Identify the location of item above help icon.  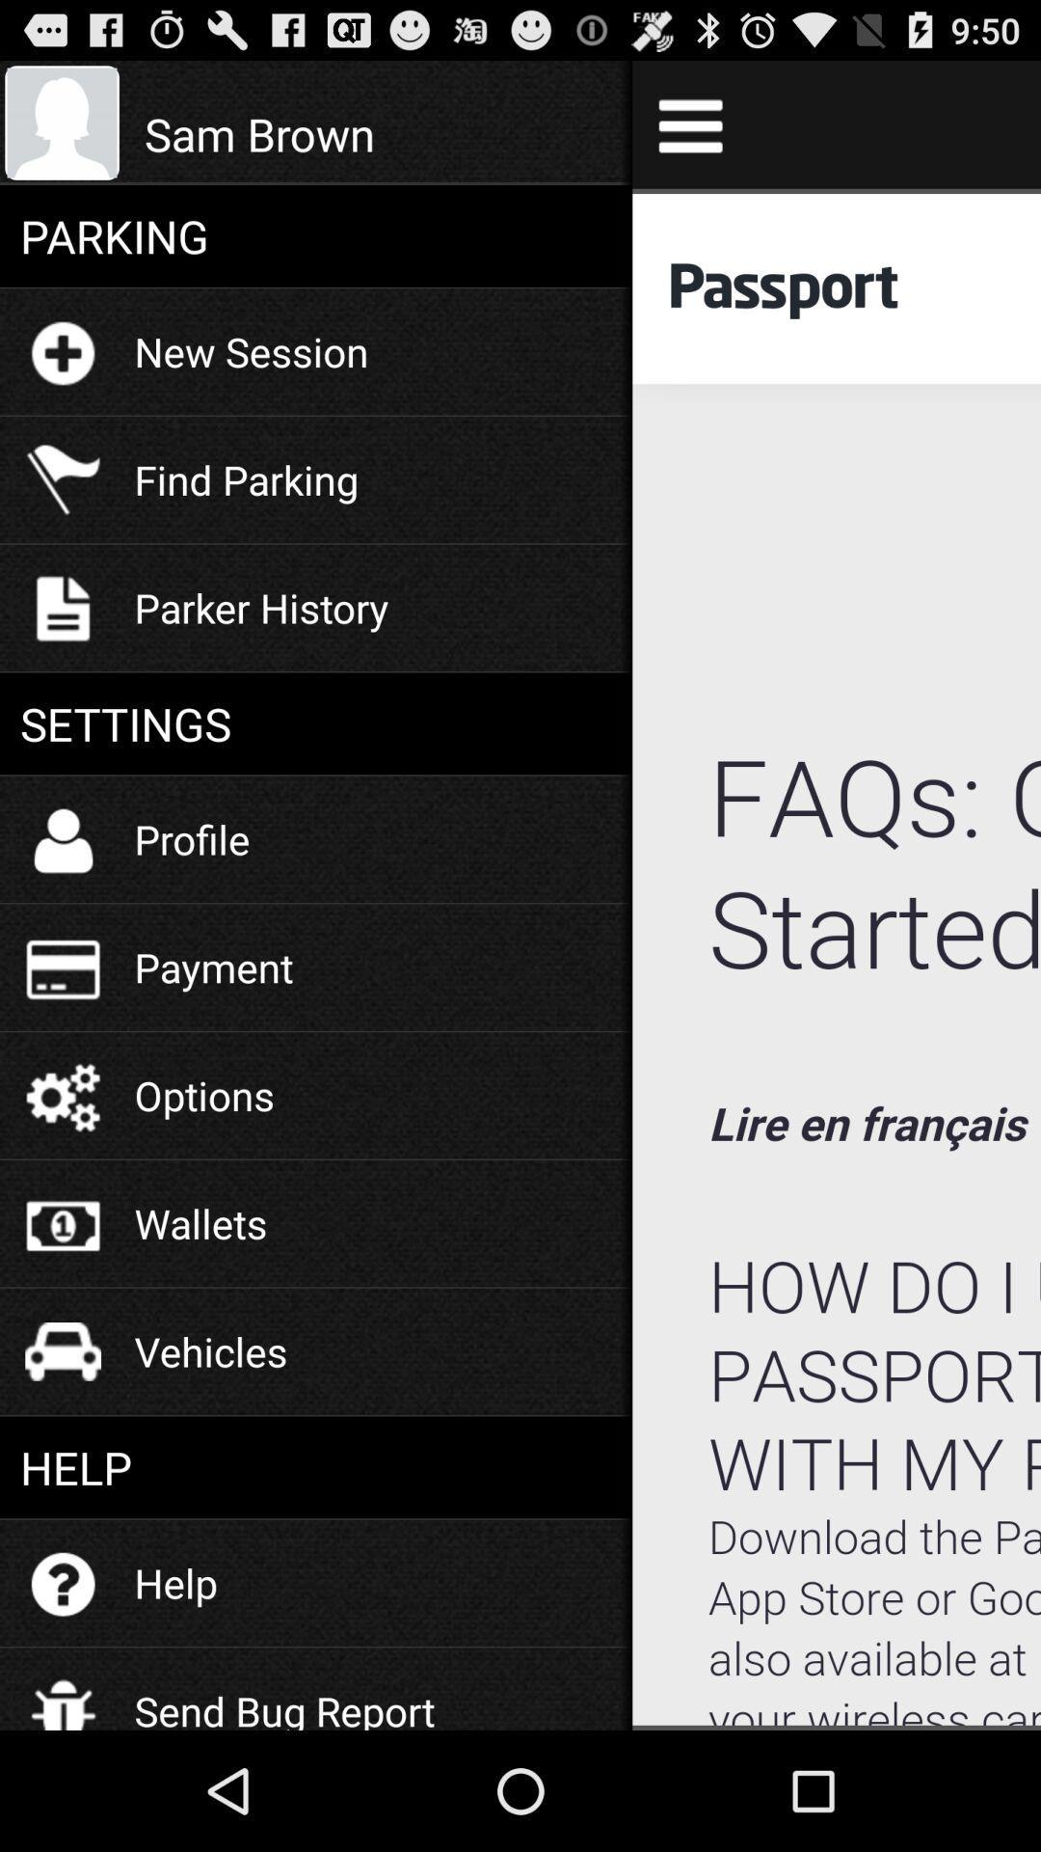
(211, 1350).